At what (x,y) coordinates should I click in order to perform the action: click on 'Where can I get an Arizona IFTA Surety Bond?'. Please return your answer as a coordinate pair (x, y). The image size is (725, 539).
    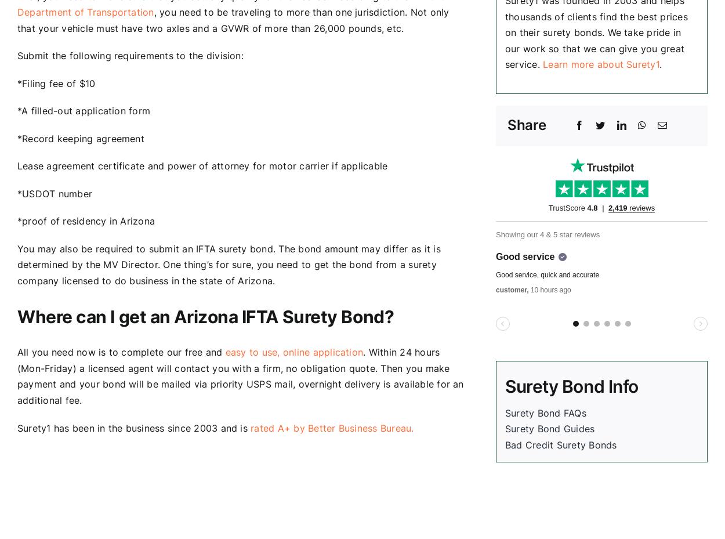
    Looking at the image, I should click on (16, 316).